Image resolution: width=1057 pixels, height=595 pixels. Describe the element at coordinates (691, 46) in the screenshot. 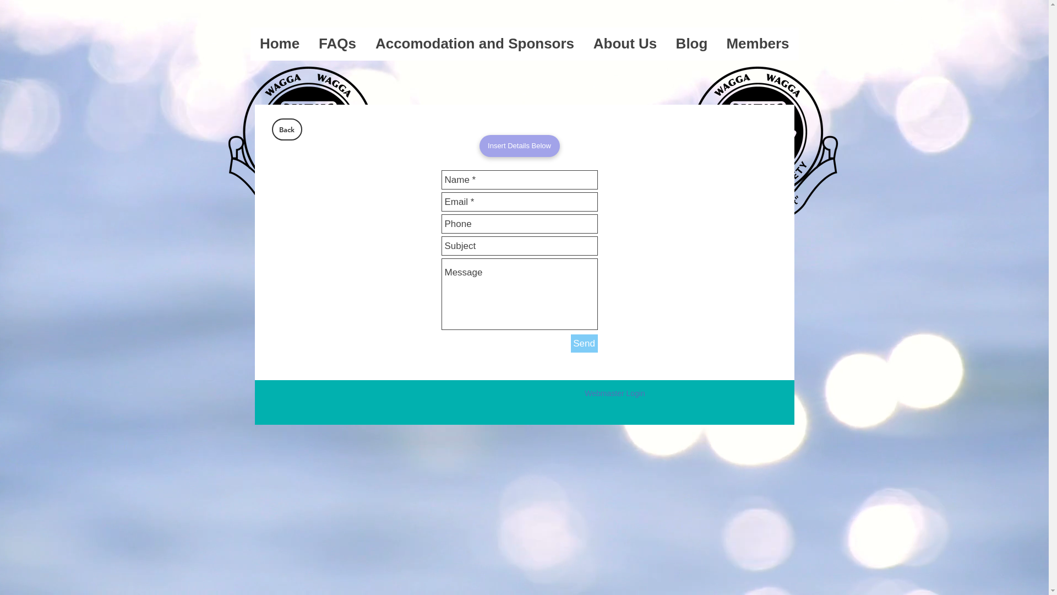

I see `'Blog'` at that location.